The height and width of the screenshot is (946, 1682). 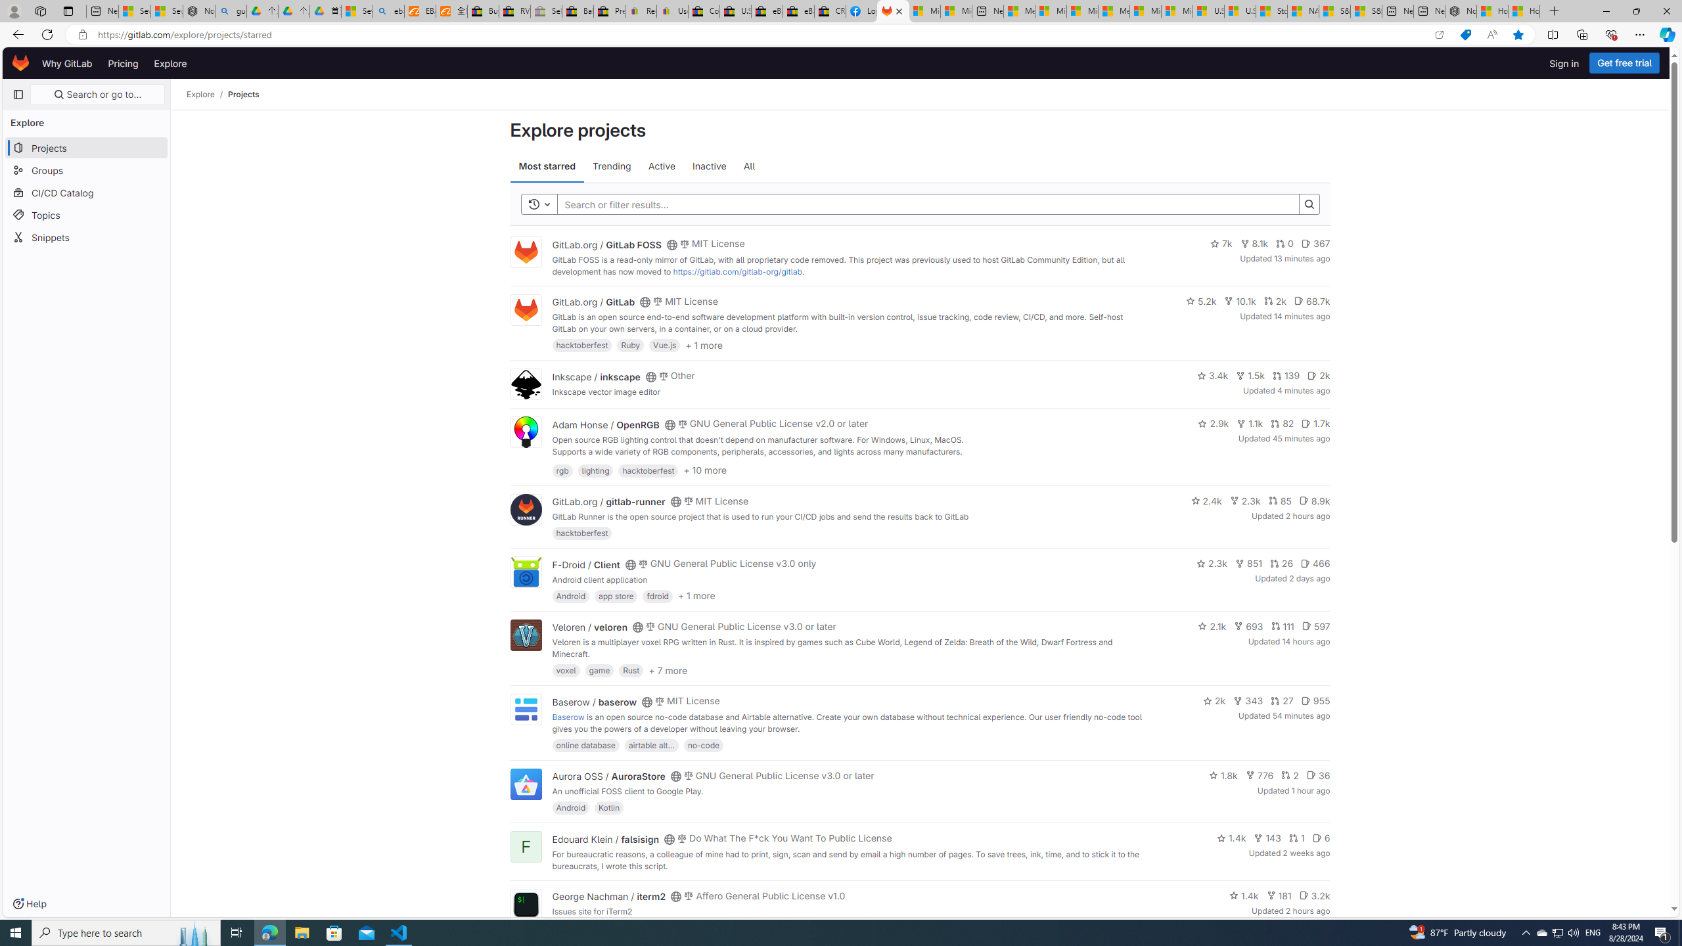 What do you see at coordinates (595, 470) in the screenshot?
I see `'lighting'` at bounding box center [595, 470].